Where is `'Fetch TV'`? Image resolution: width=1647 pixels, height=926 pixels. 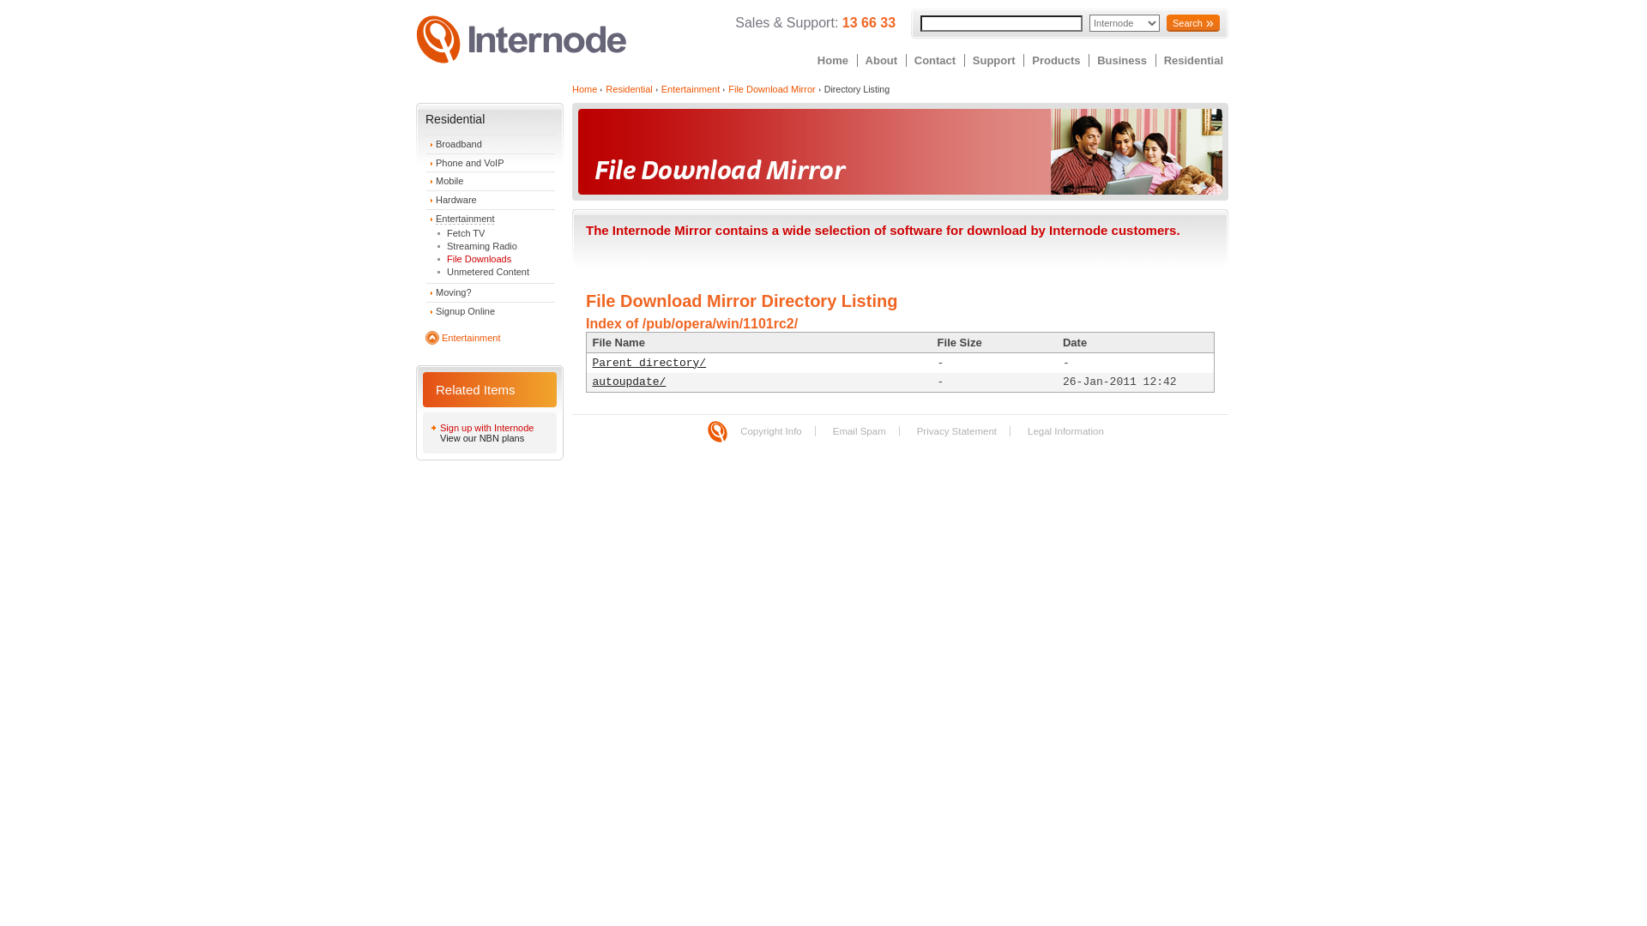 'Fetch TV' is located at coordinates (465, 233).